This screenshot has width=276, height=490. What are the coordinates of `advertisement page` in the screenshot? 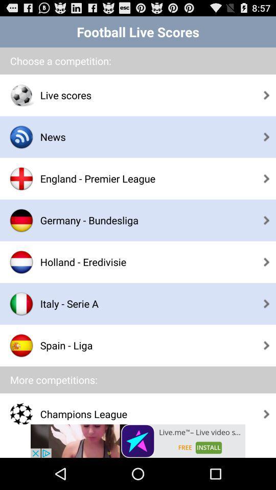 It's located at (138, 440).